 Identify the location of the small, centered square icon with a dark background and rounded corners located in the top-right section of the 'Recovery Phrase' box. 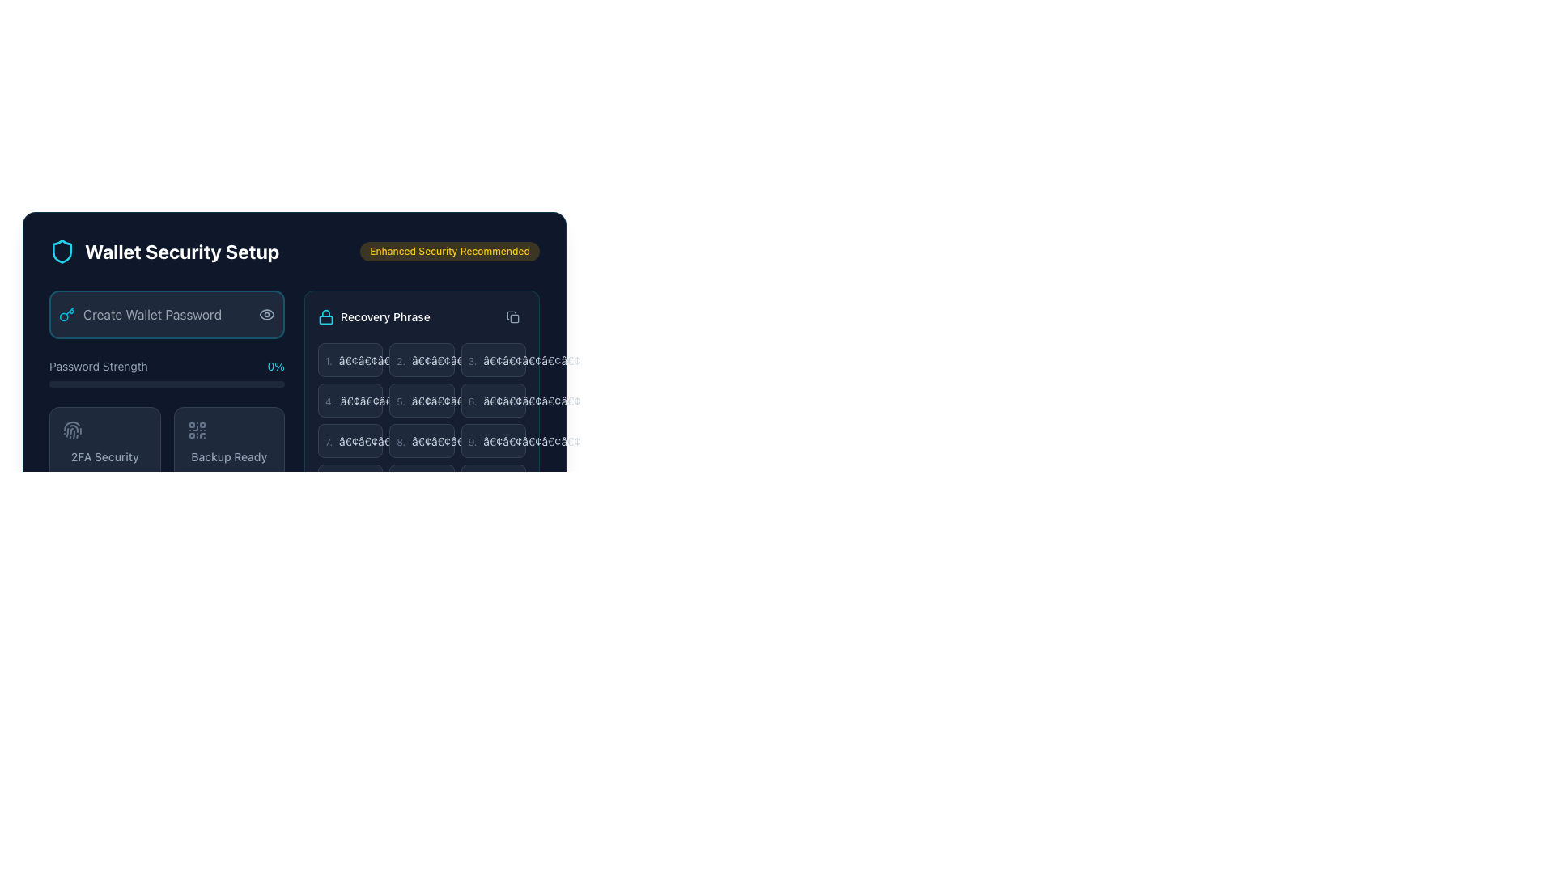
(513, 318).